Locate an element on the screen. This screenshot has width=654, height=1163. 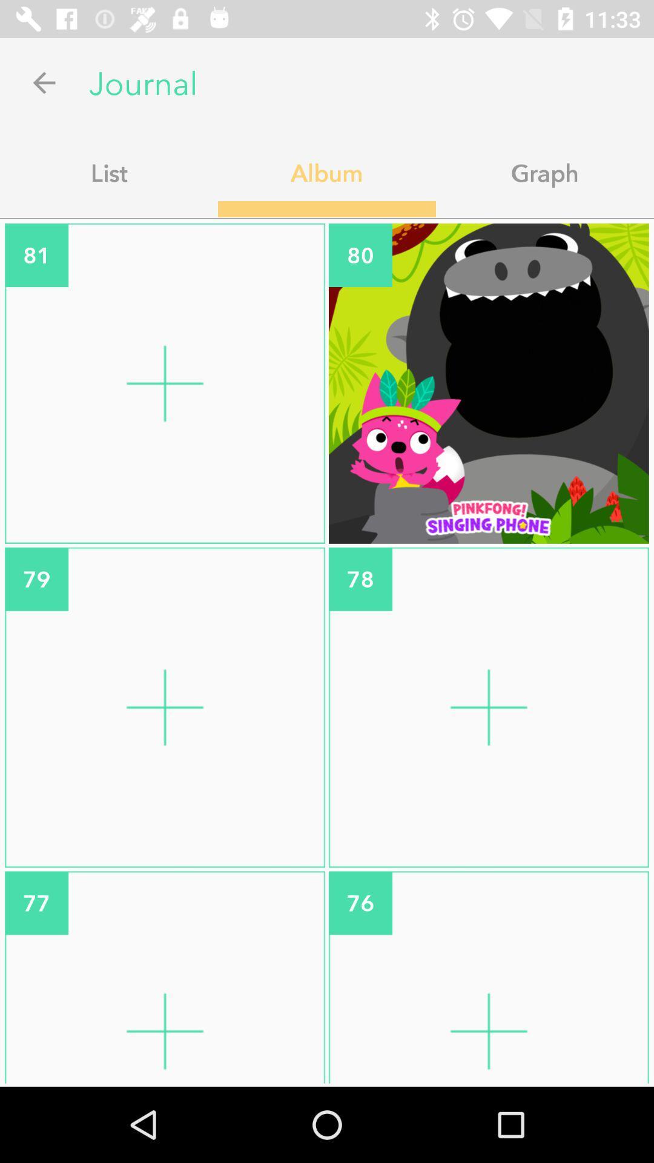
icon to the left of graph icon is located at coordinates (327, 172).